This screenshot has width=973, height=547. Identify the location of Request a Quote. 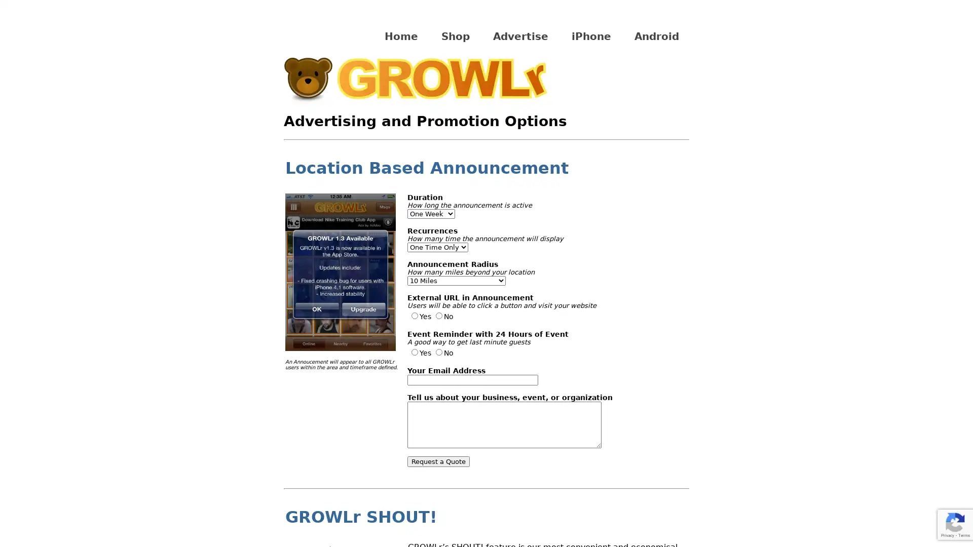
(438, 461).